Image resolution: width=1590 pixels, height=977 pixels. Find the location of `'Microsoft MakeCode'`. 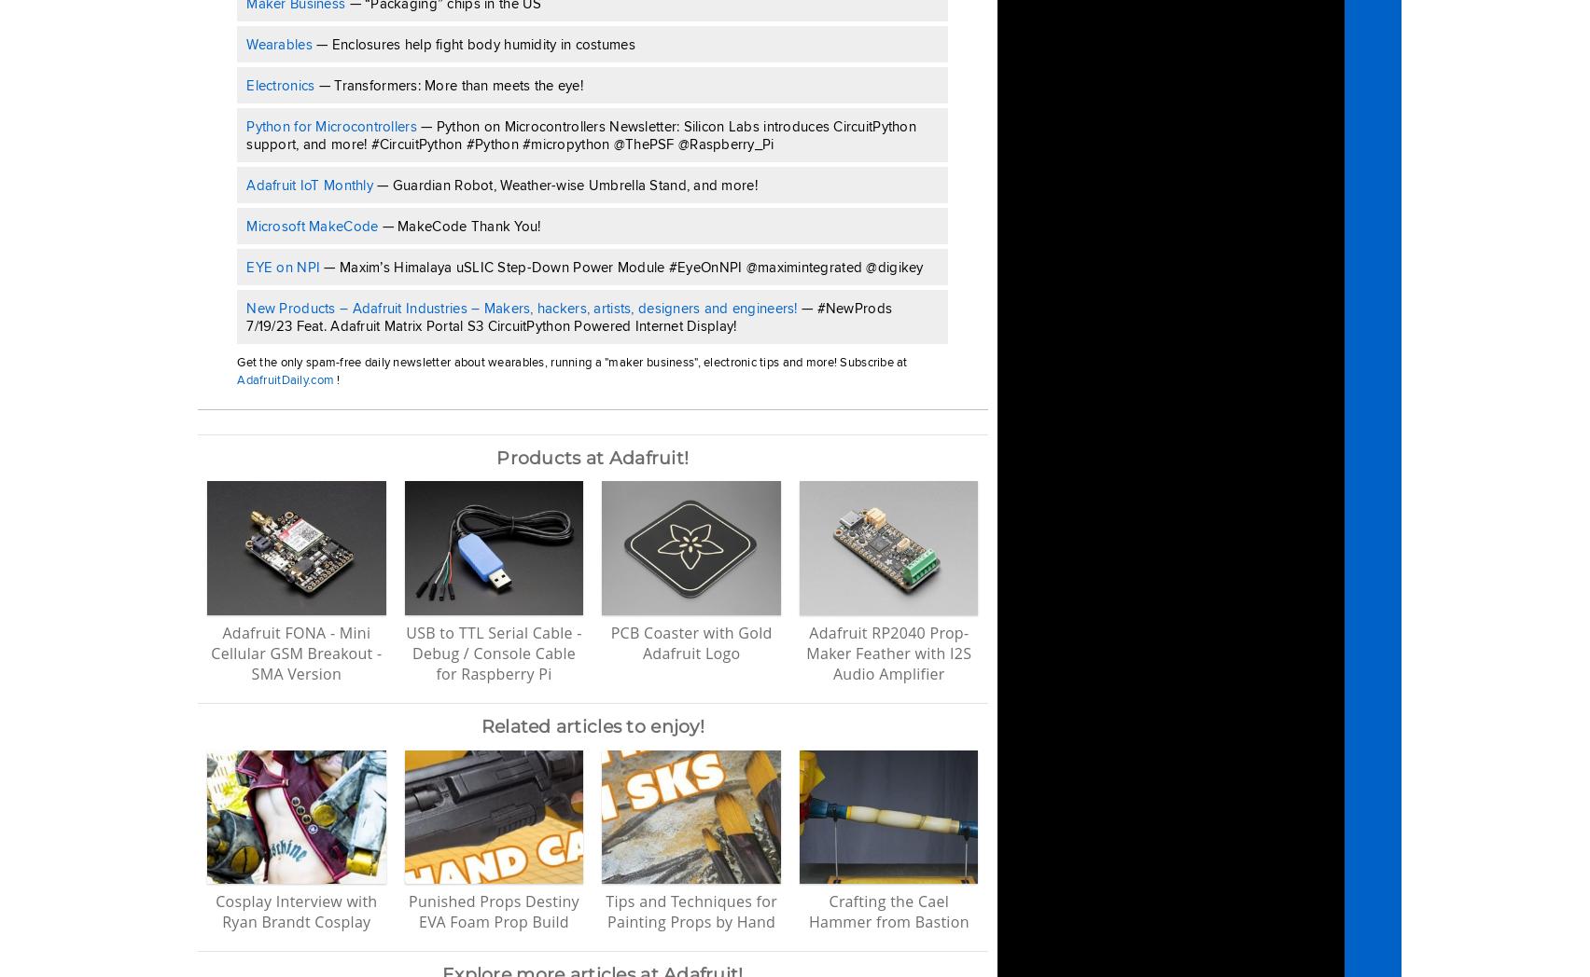

'Microsoft MakeCode' is located at coordinates (311, 226).